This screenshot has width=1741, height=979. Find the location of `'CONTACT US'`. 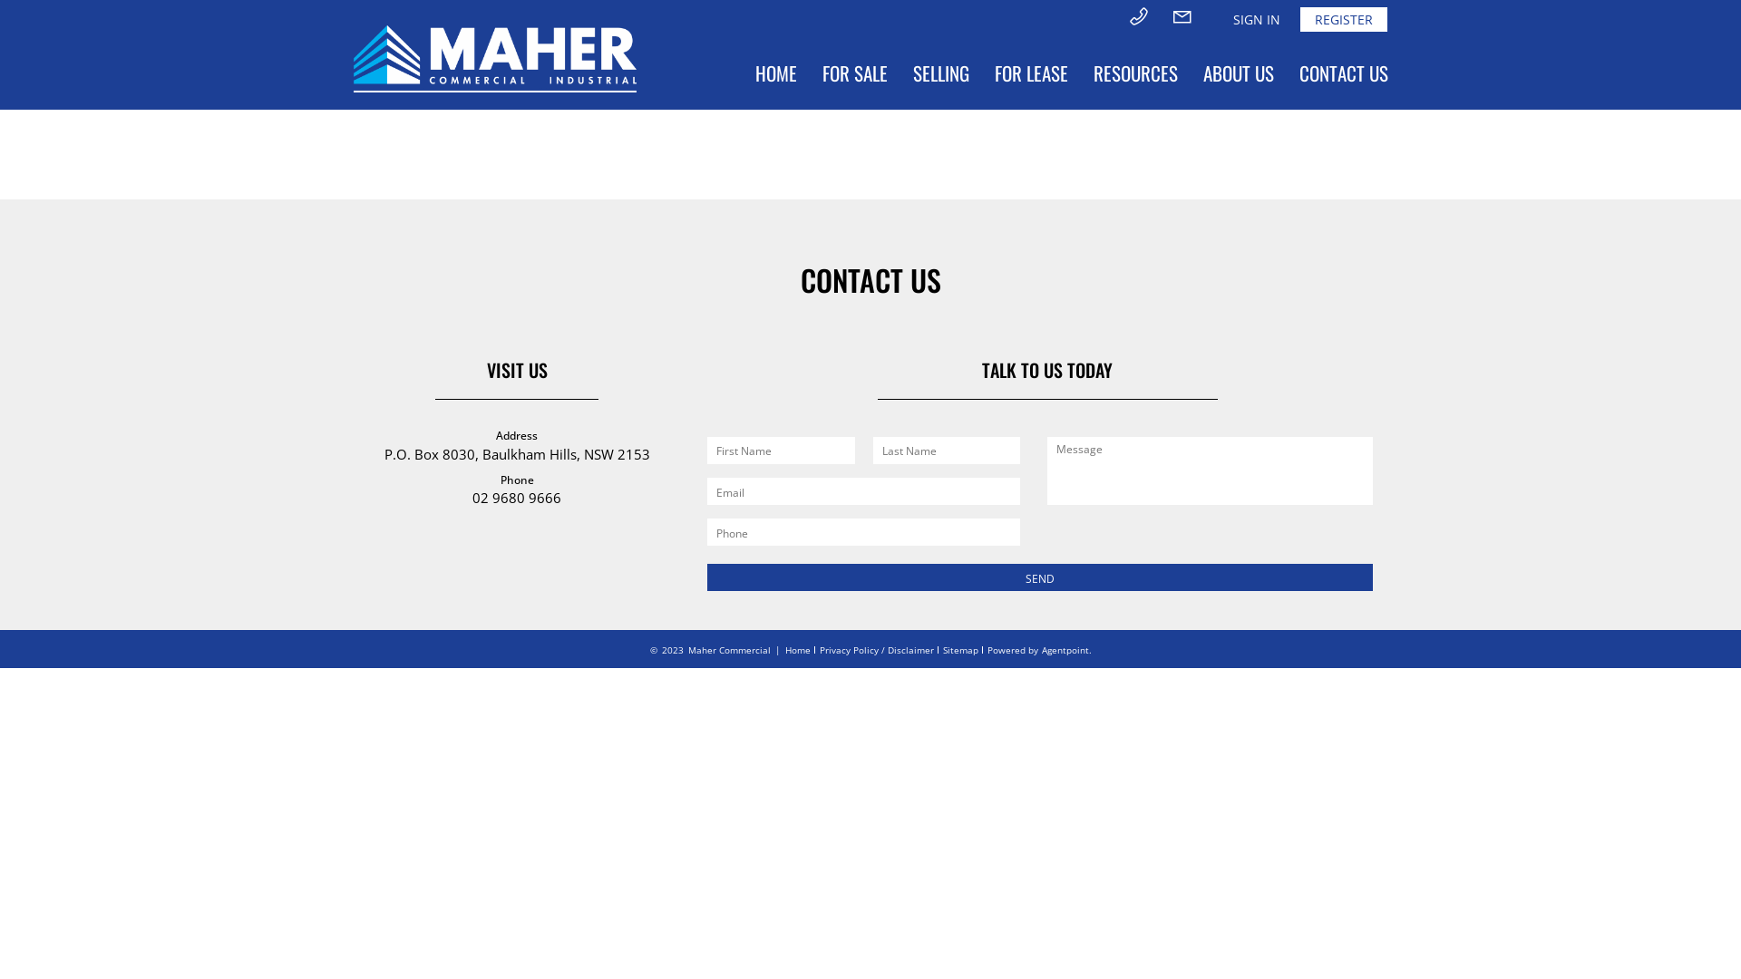

'CONTACT US' is located at coordinates (1344, 73).